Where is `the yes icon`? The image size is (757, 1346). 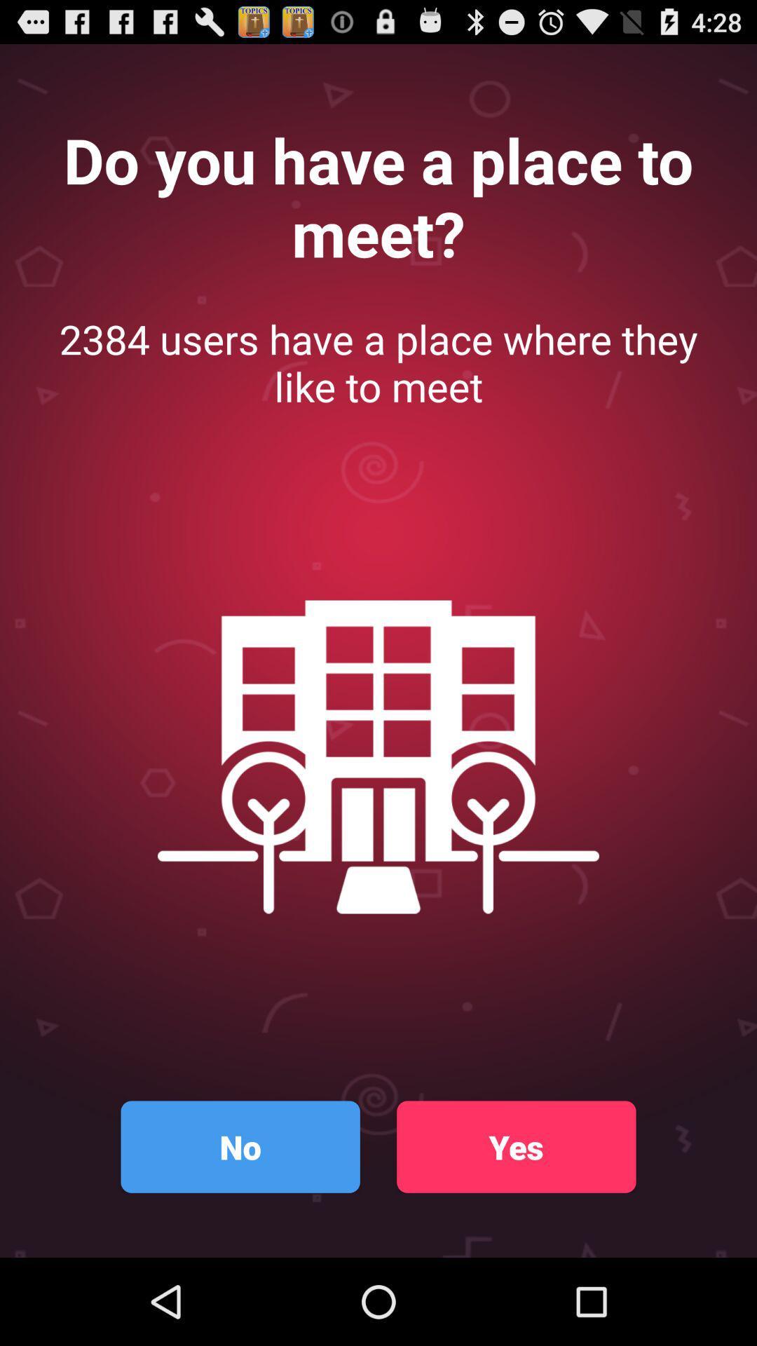
the yes icon is located at coordinates (516, 1147).